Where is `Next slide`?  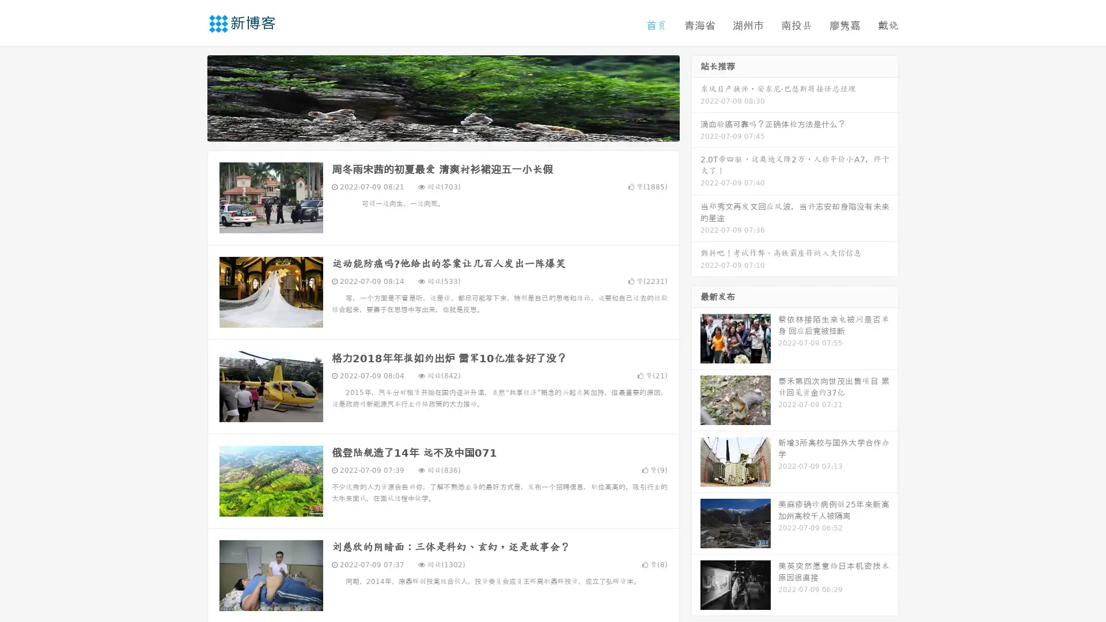 Next slide is located at coordinates (696, 97).